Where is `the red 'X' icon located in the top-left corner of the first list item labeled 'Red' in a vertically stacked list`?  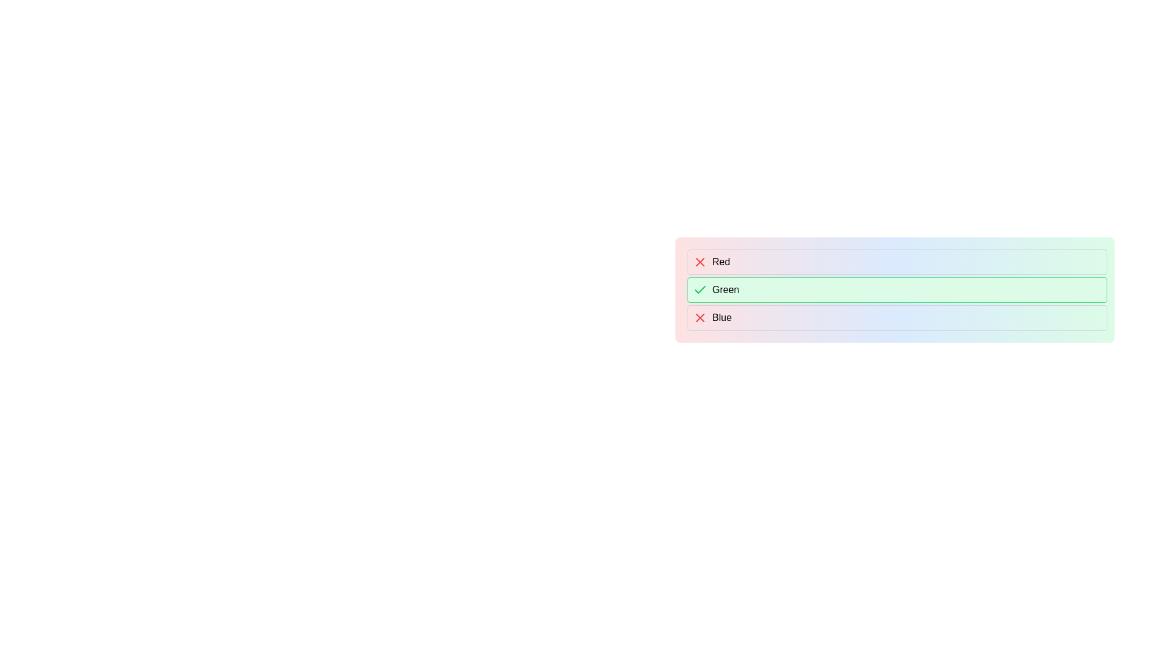
the red 'X' icon located in the top-left corner of the first list item labeled 'Red' in a vertically stacked list is located at coordinates (700, 317).